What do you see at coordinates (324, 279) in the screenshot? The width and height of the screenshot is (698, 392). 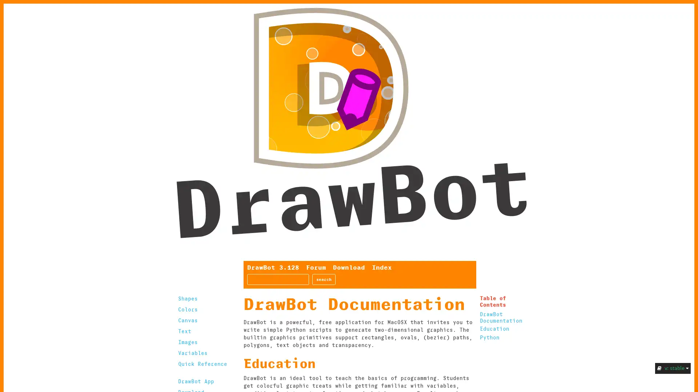 I see `search` at bounding box center [324, 279].